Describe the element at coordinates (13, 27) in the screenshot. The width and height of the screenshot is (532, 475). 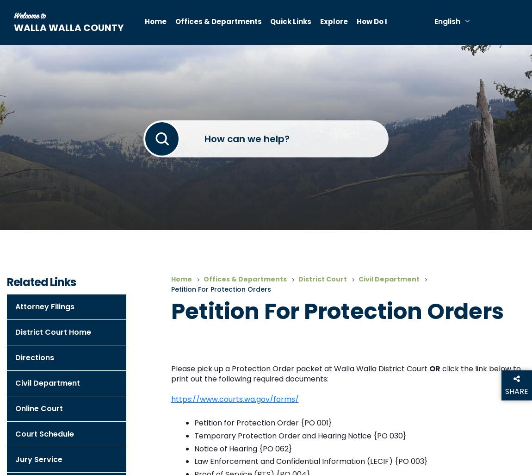
I see `'walla walla county'` at that location.